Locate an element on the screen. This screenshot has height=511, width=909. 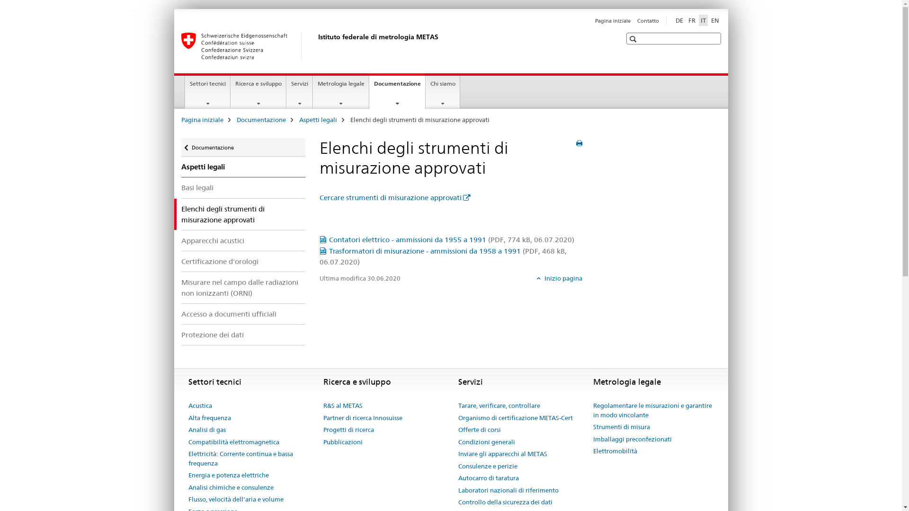
'Inviare gli apparecchi al METAS' is located at coordinates (502, 454).